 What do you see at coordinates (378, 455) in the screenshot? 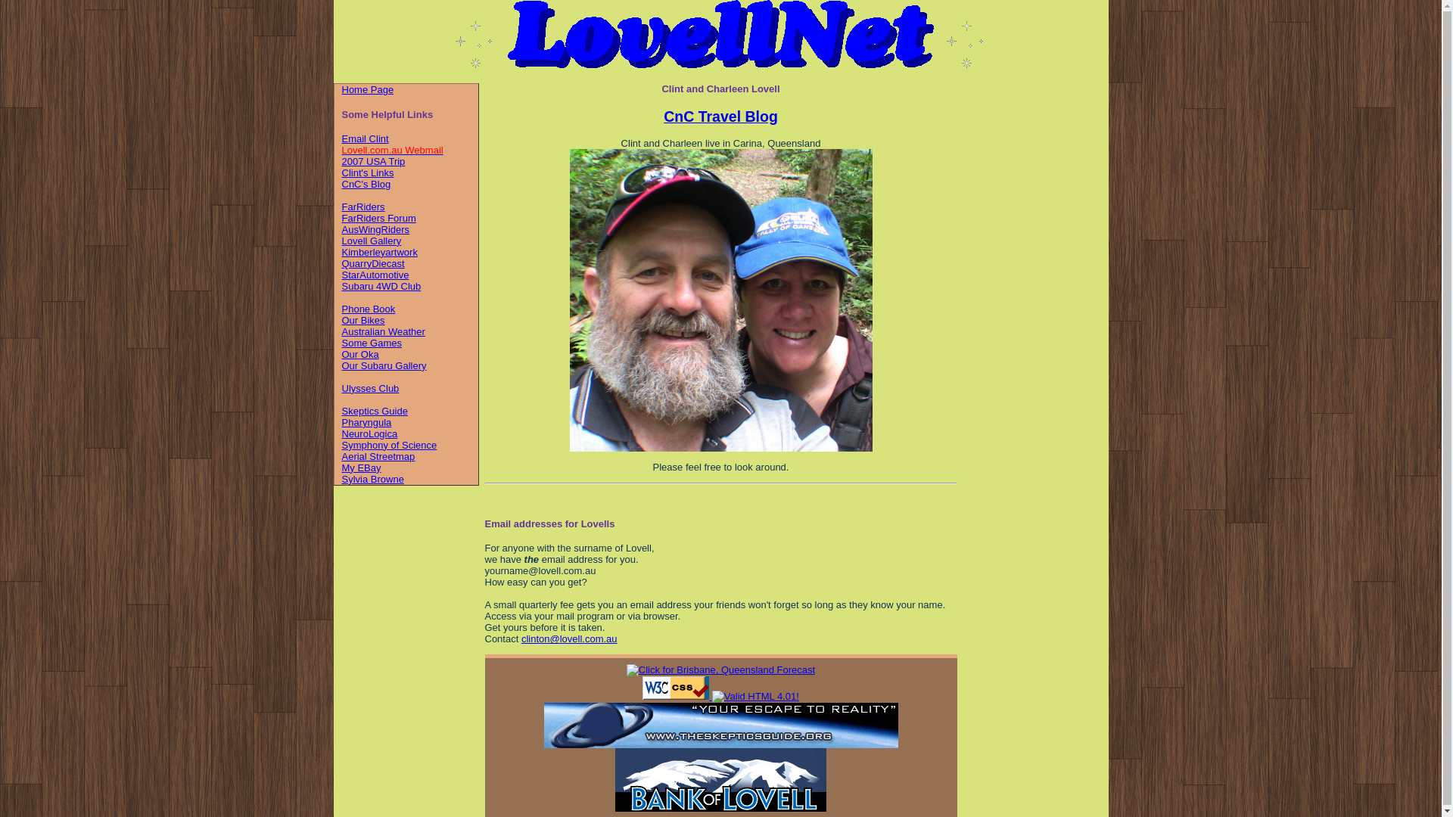
I see `'Aerial Streetmap'` at bounding box center [378, 455].